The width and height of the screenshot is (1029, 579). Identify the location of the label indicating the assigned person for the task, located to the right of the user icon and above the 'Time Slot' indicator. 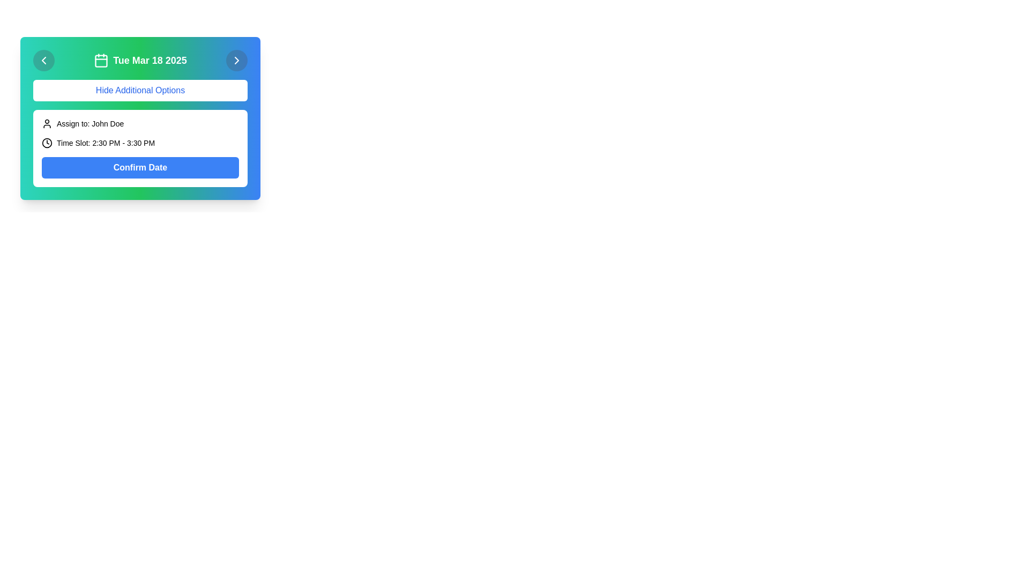
(90, 123).